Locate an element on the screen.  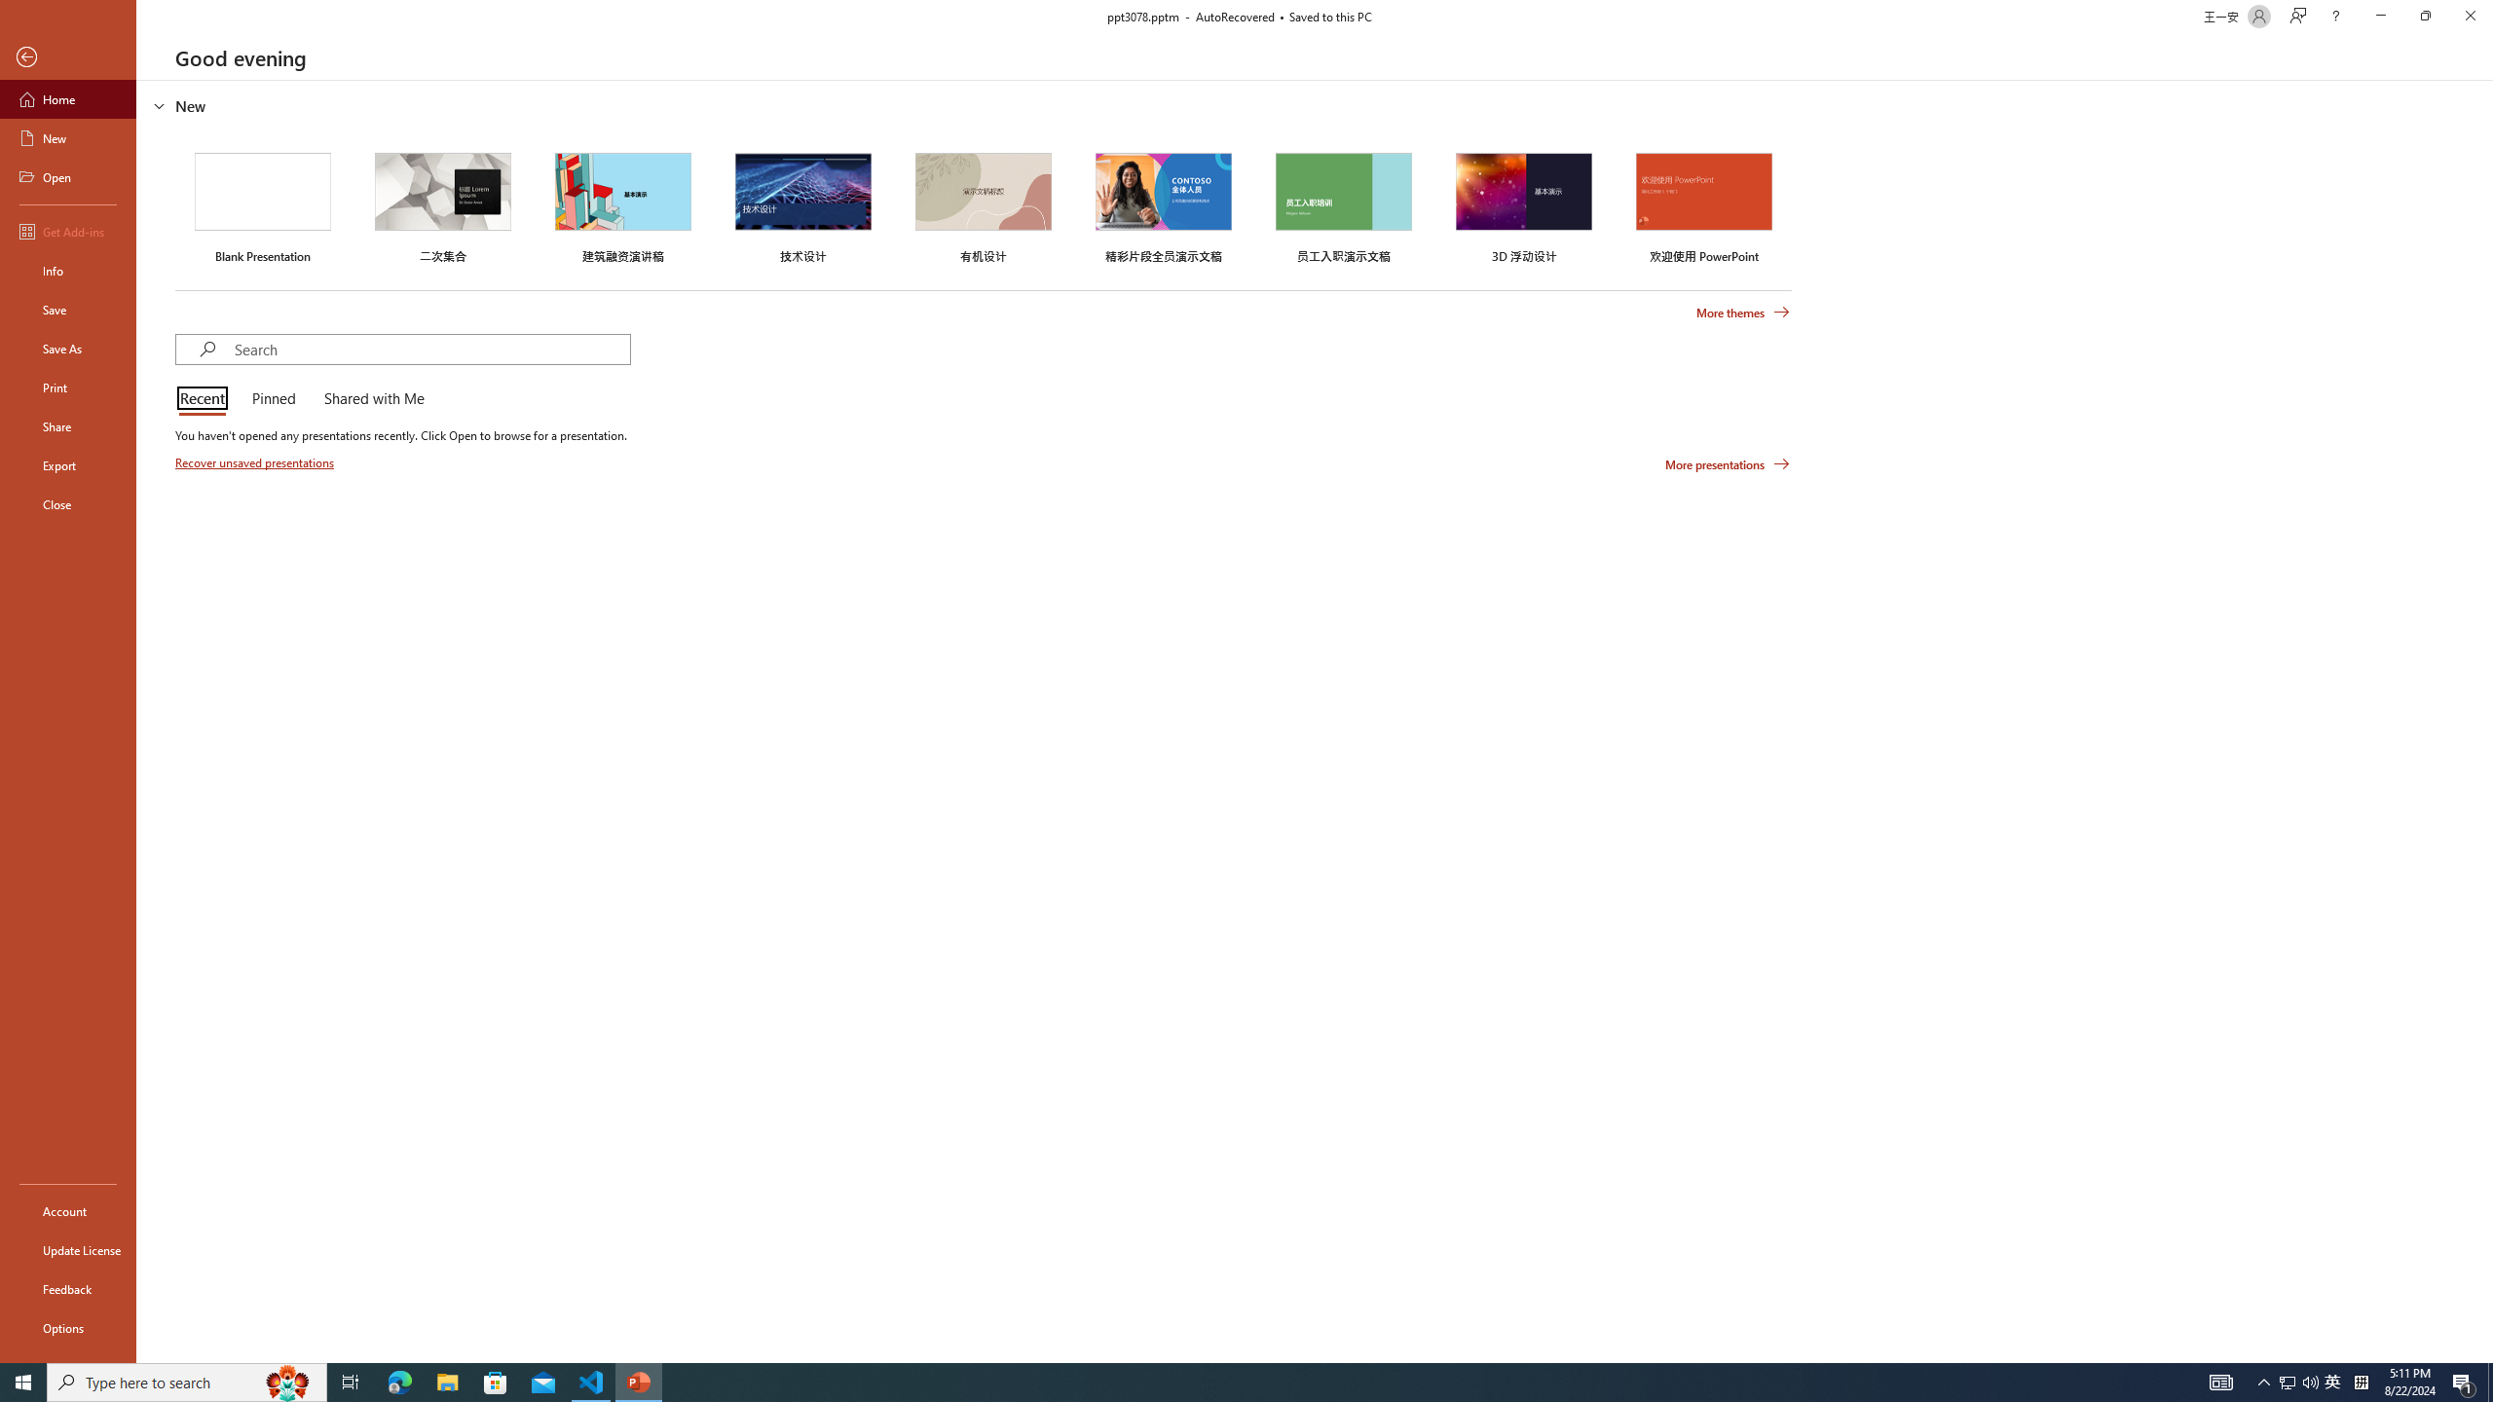
'Recent' is located at coordinates (205, 399).